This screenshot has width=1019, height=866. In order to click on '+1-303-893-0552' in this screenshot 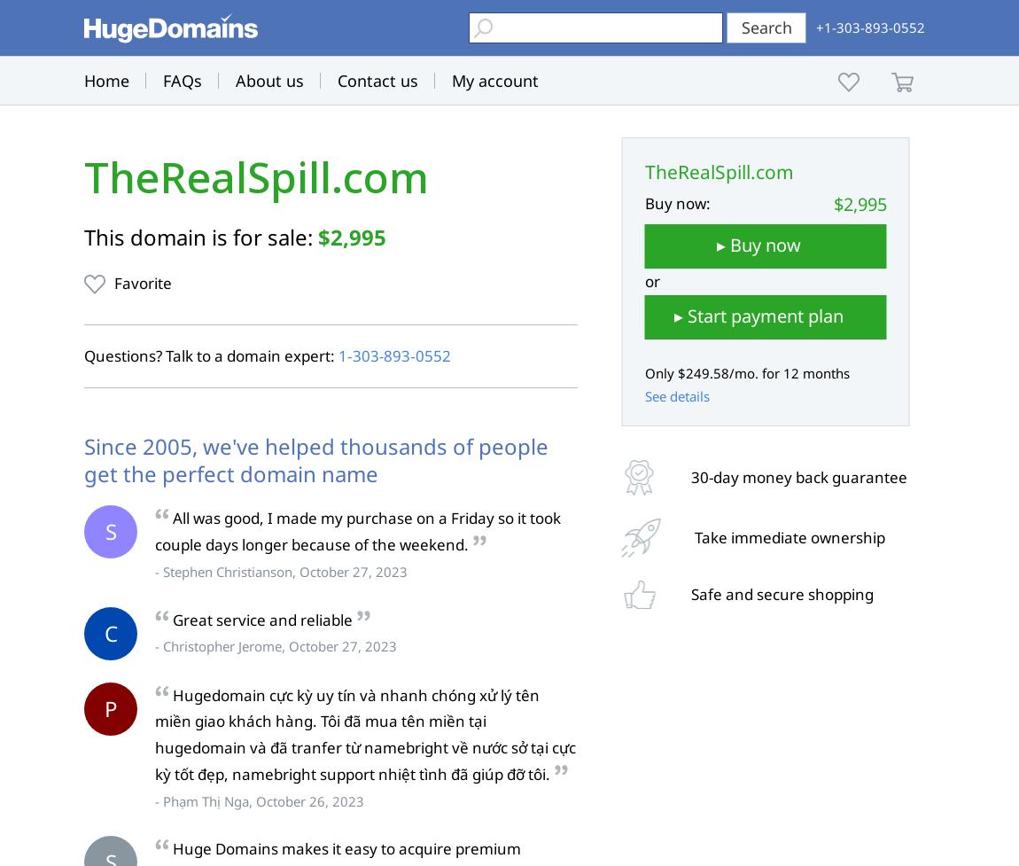, I will do `click(870, 27)`.